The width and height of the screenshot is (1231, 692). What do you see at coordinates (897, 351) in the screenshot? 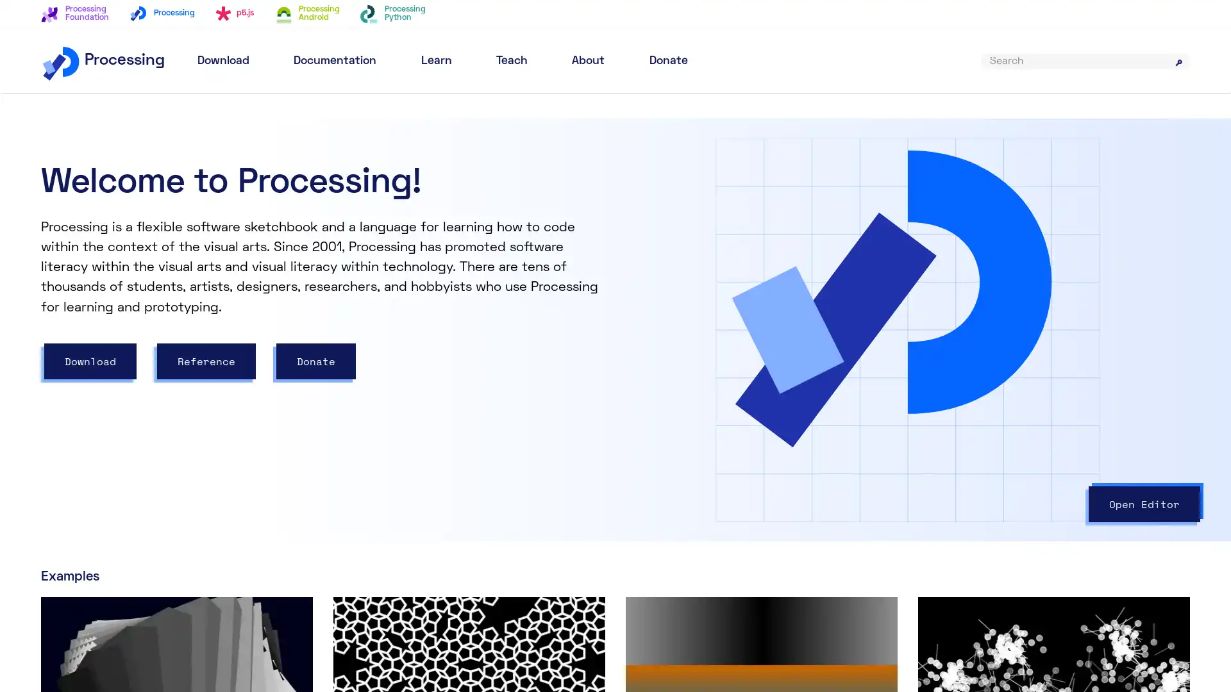
I see `change position` at bounding box center [897, 351].